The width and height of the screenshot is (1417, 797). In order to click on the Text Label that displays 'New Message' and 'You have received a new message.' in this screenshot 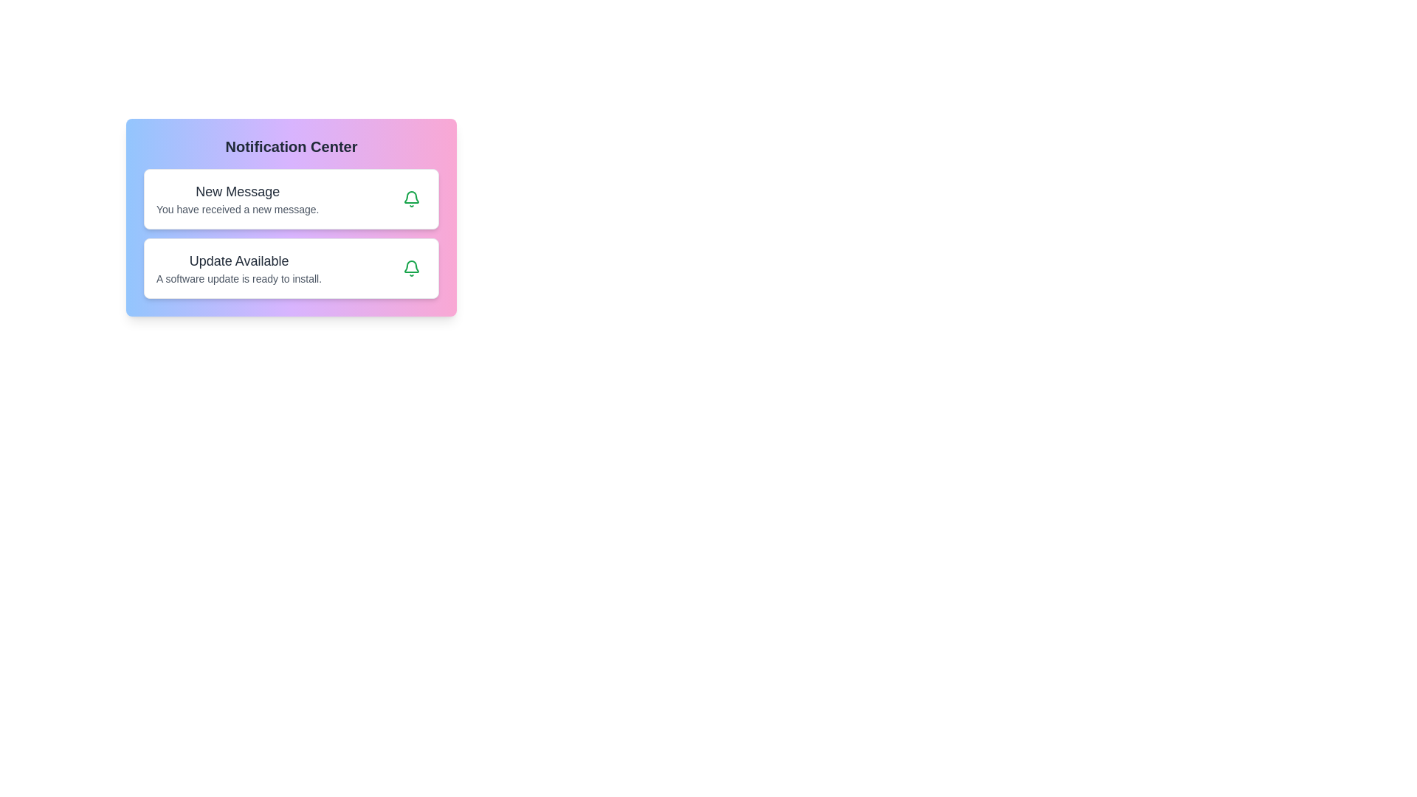, I will do `click(238, 199)`.